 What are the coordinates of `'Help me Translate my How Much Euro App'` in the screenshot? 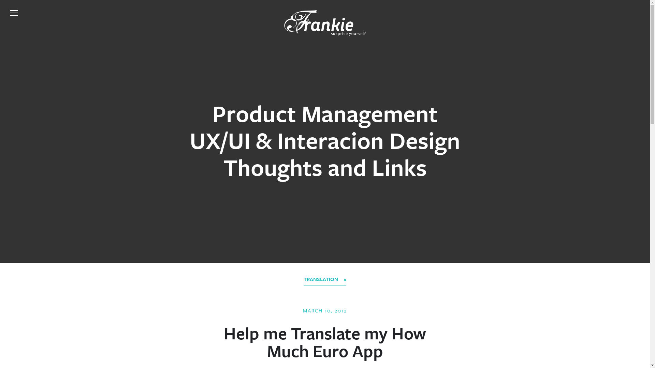 It's located at (324, 341).